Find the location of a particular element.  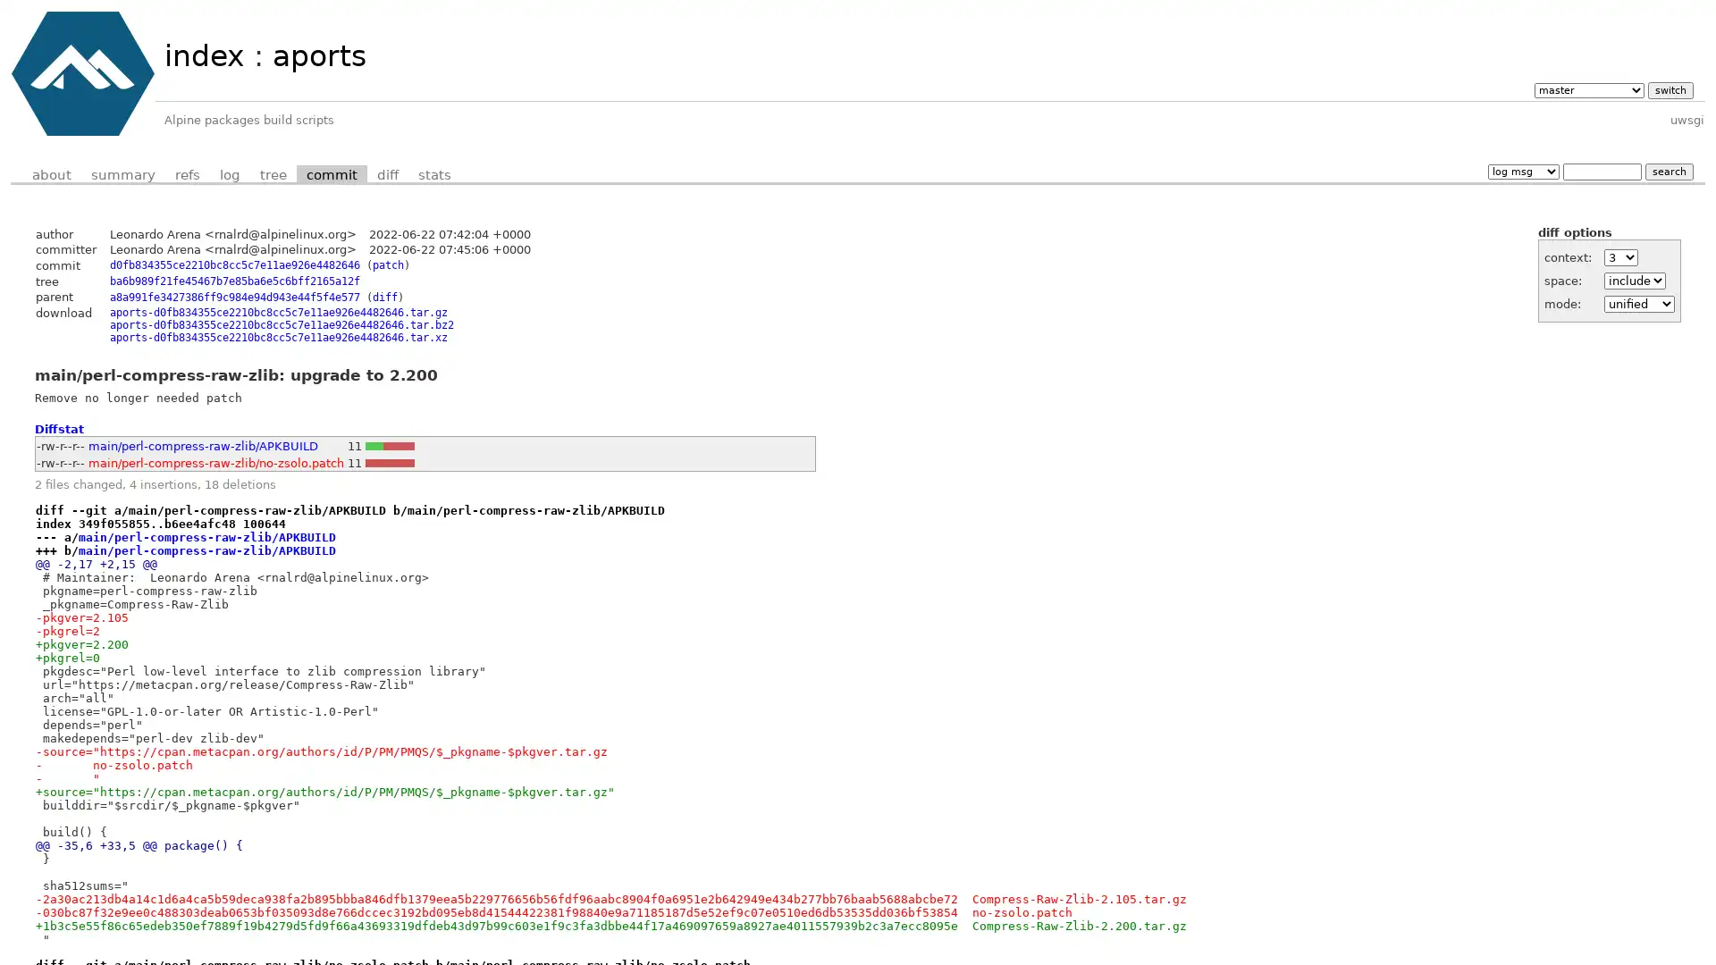

switch is located at coordinates (1669, 89).